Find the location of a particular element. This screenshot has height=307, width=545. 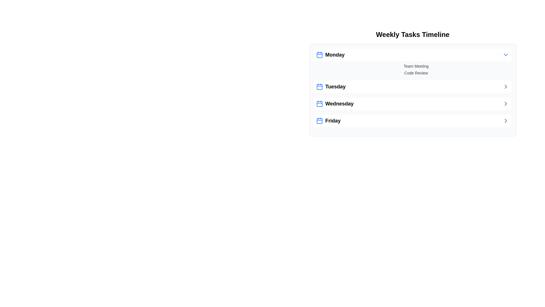

the interactive list item representing 'Tuesday' is located at coordinates (413, 86).